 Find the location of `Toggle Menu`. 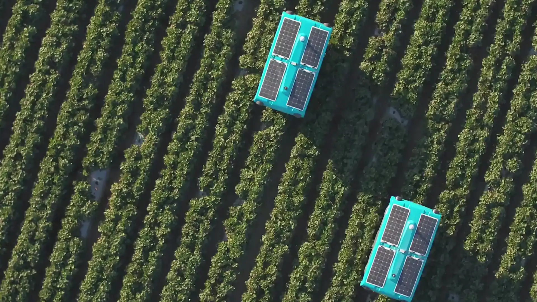

Toggle Menu is located at coordinates (508, 18).